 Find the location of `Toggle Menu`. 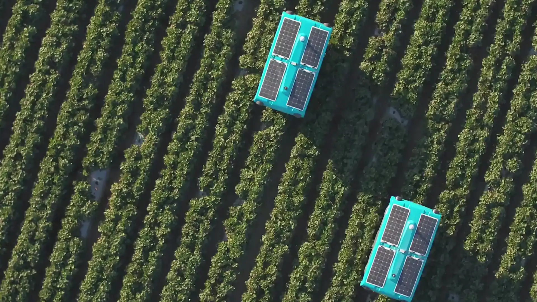

Toggle Menu is located at coordinates (508, 18).